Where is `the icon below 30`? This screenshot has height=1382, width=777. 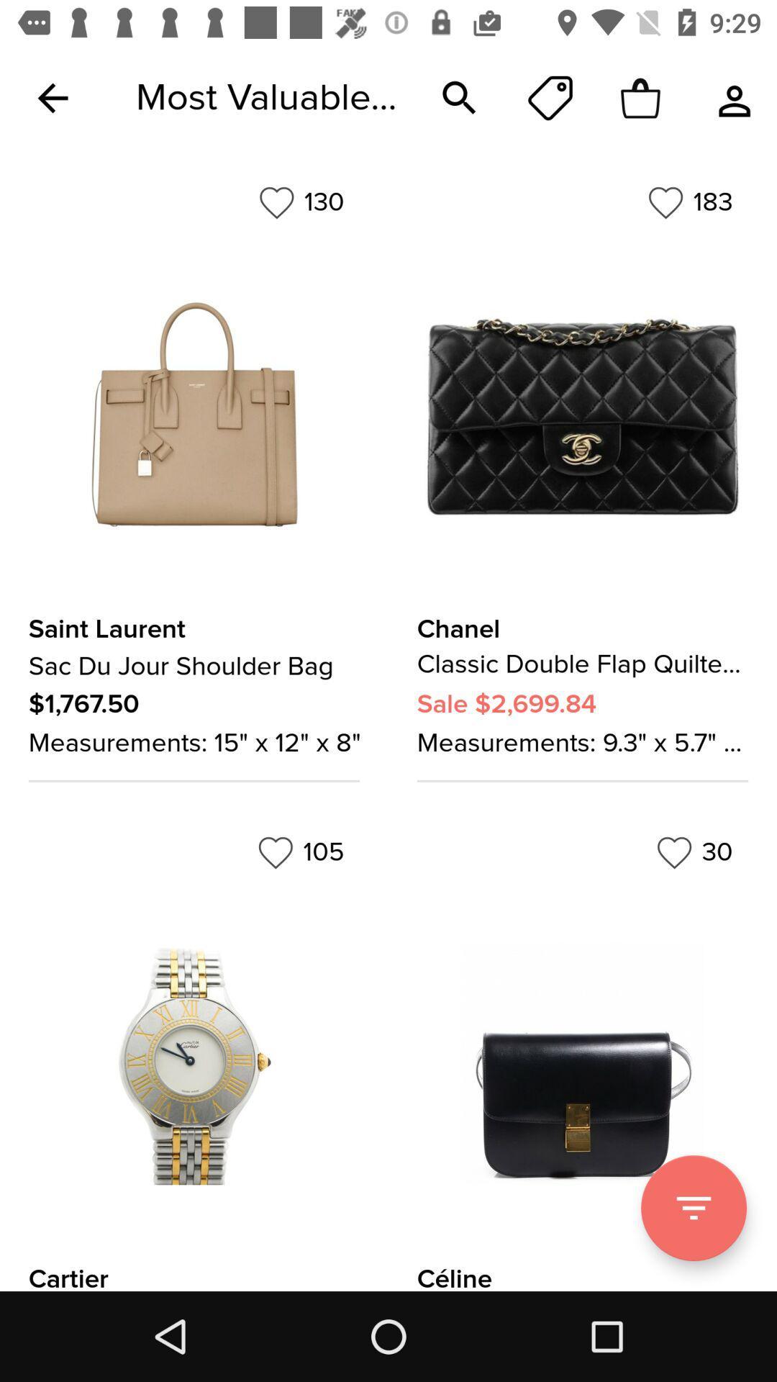
the icon below 30 is located at coordinates (693, 1208).